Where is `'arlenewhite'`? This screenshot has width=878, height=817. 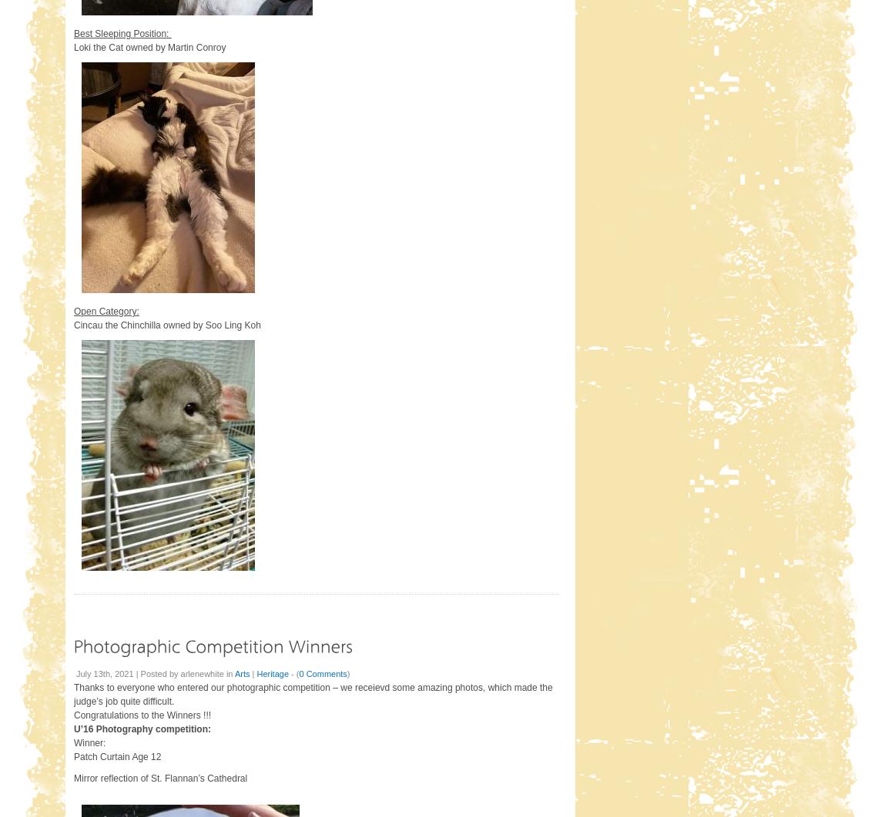
'arlenewhite' is located at coordinates (200, 672).